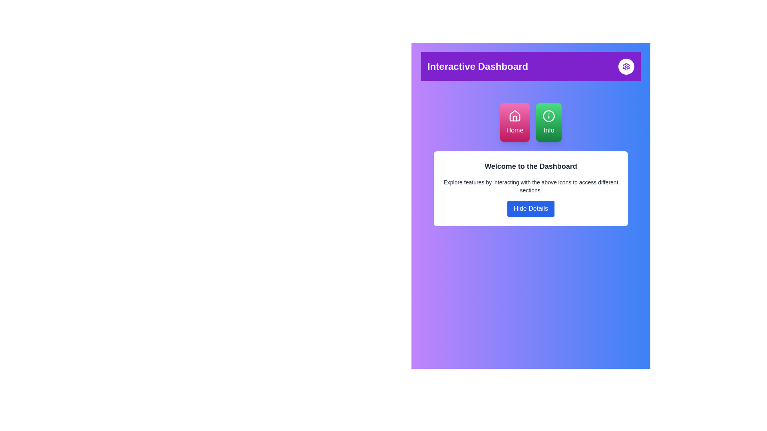  I want to click on the green 'Info' button in the group of interactive buttons, so click(531, 123).